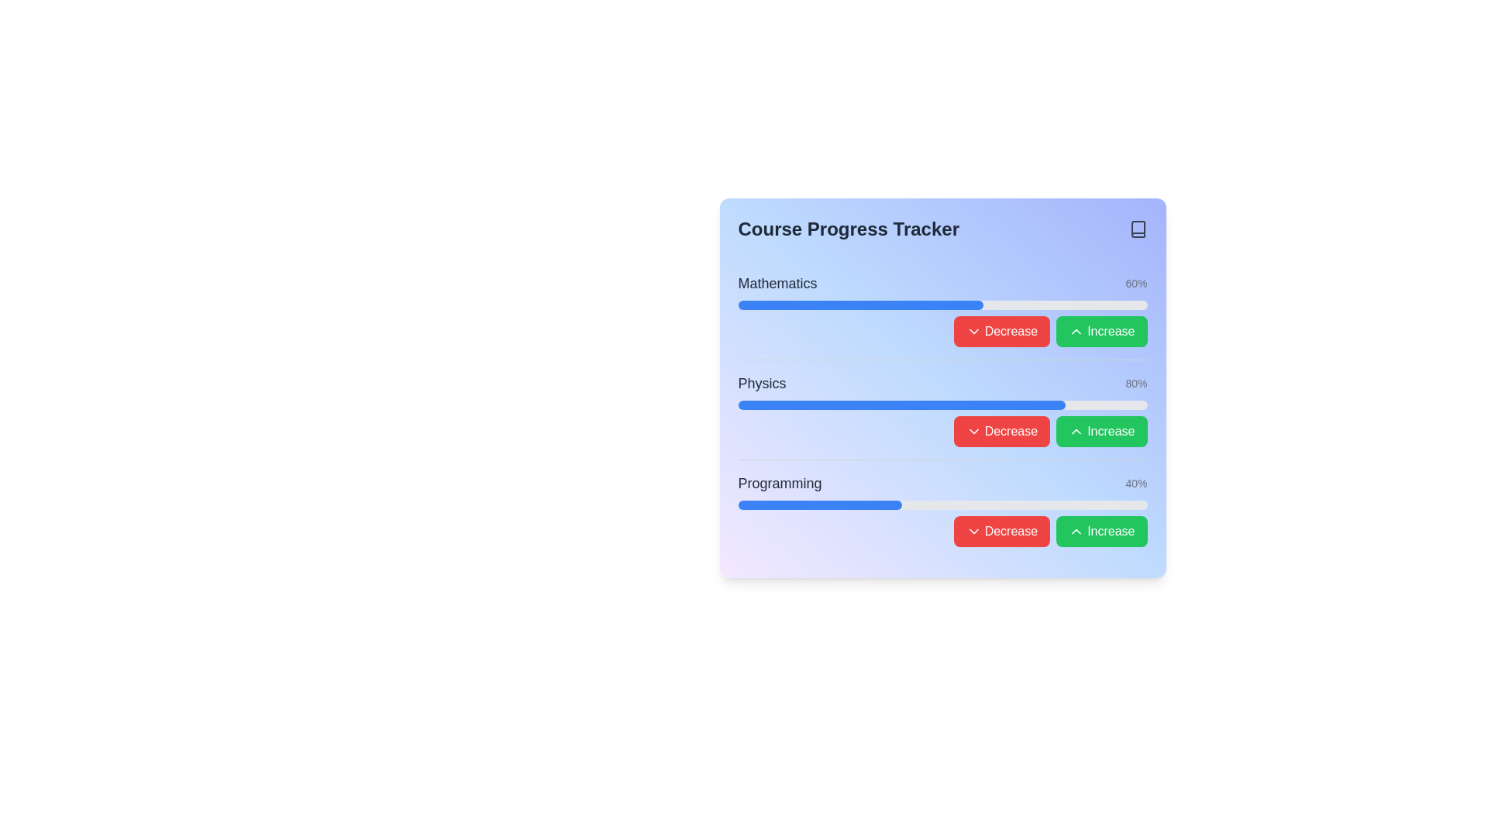 The image size is (1488, 837). Describe the element at coordinates (973, 331) in the screenshot. I see `the downward-pointing chevron icon within the red 'Decrease' button, which indicates a decrease action` at that location.